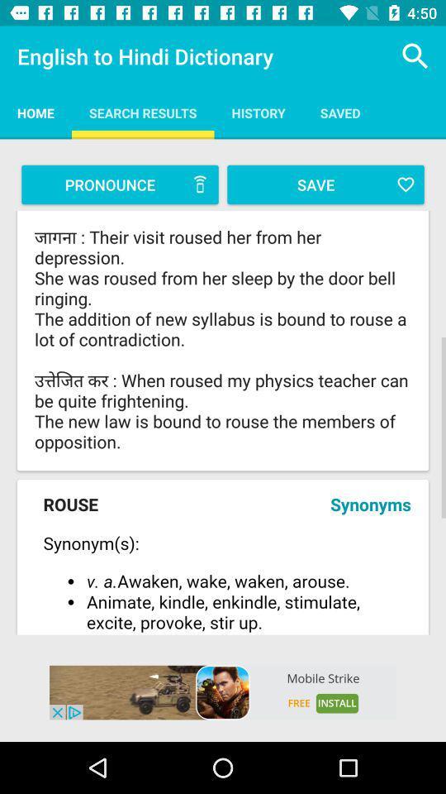 Image resolution: width=446 pixels, height=794 pixels. What do you see at coordinates (325, 184) in the screenshot?
I see `option right to pronounce option` at bounding box center [325, 184].